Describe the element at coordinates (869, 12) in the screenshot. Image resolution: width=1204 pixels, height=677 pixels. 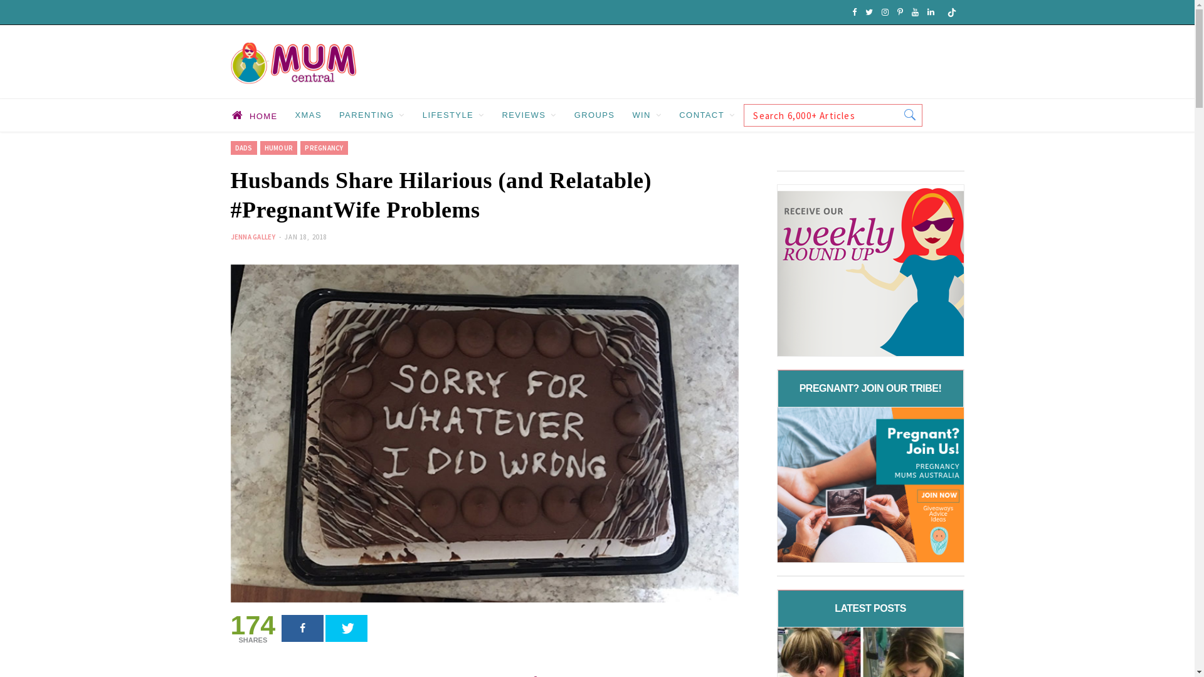
I see `'Twitter'` at that location.